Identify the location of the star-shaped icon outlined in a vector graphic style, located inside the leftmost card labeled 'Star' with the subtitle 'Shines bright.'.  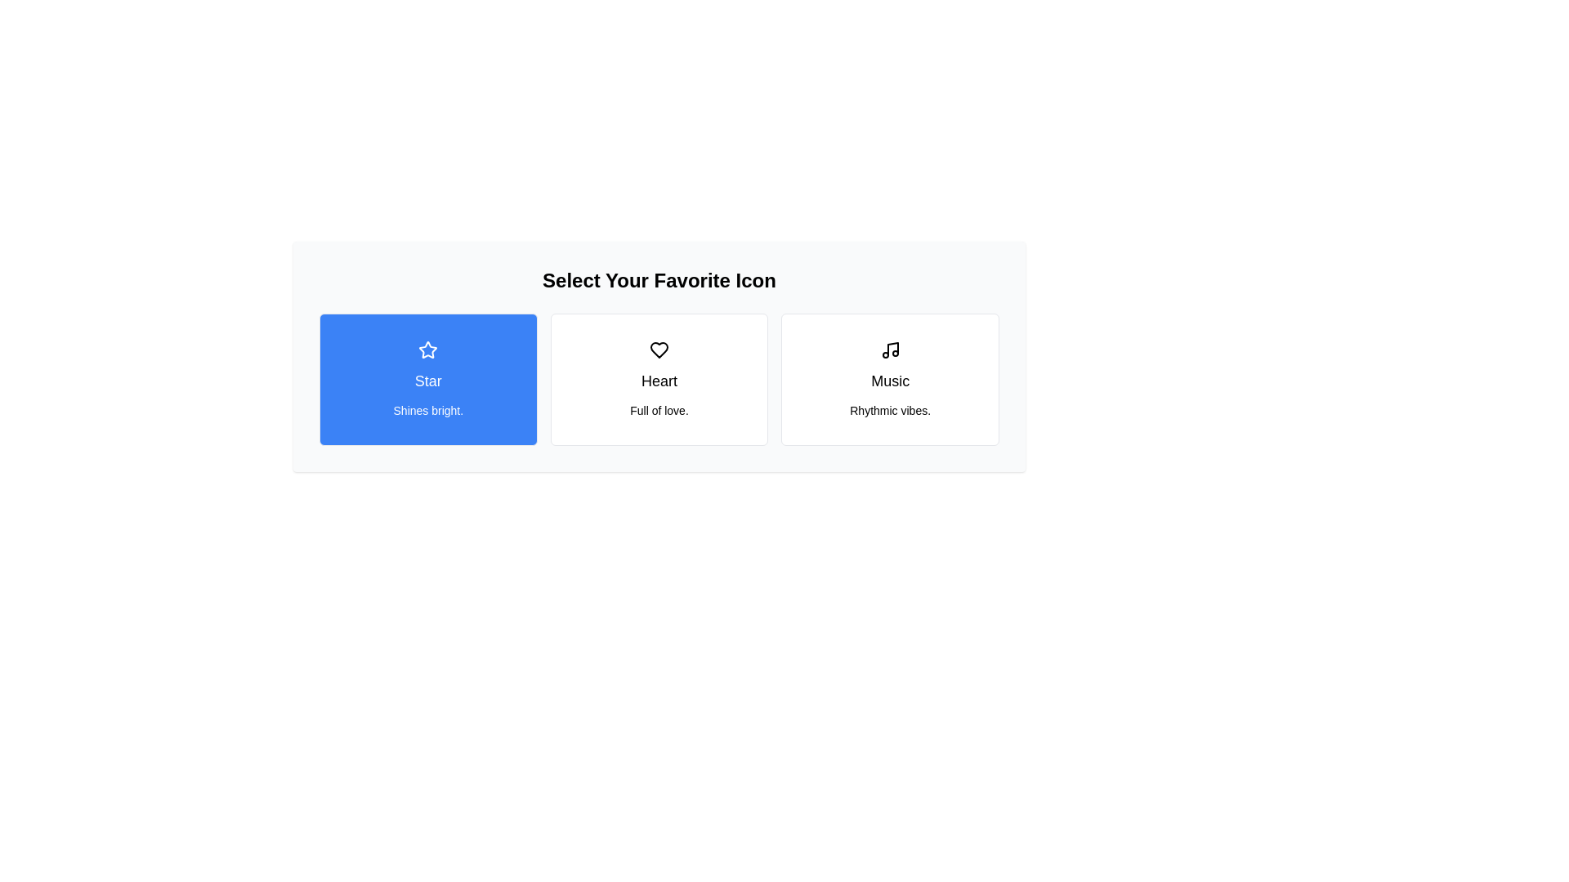
(428, 349).